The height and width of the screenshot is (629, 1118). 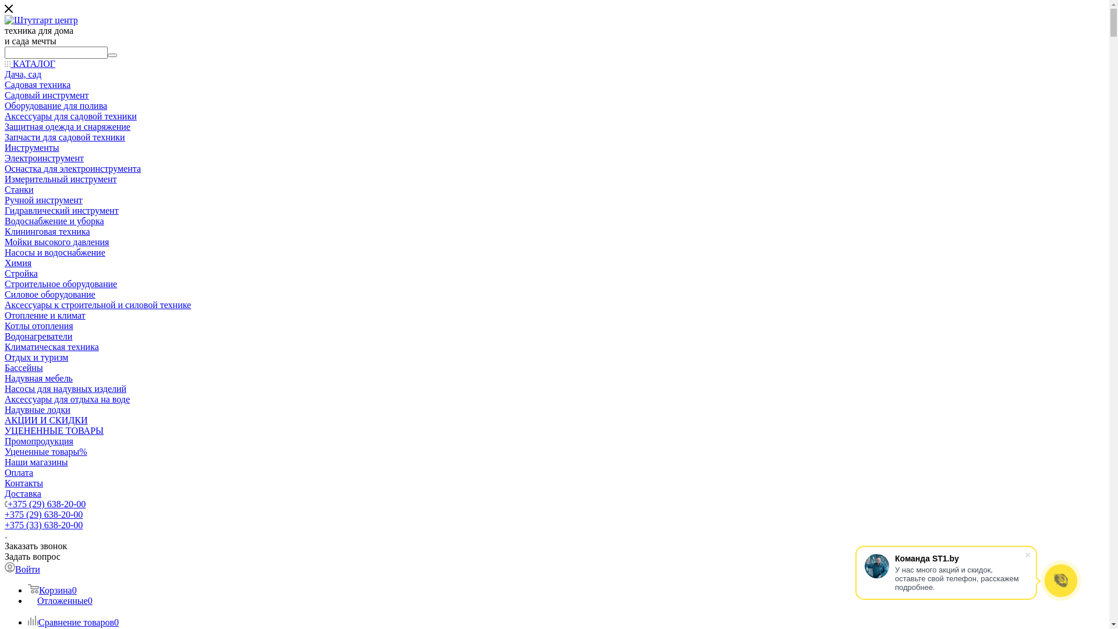 I want to click on '+375 (33) 638-20-00', so click(x=44, y=525).